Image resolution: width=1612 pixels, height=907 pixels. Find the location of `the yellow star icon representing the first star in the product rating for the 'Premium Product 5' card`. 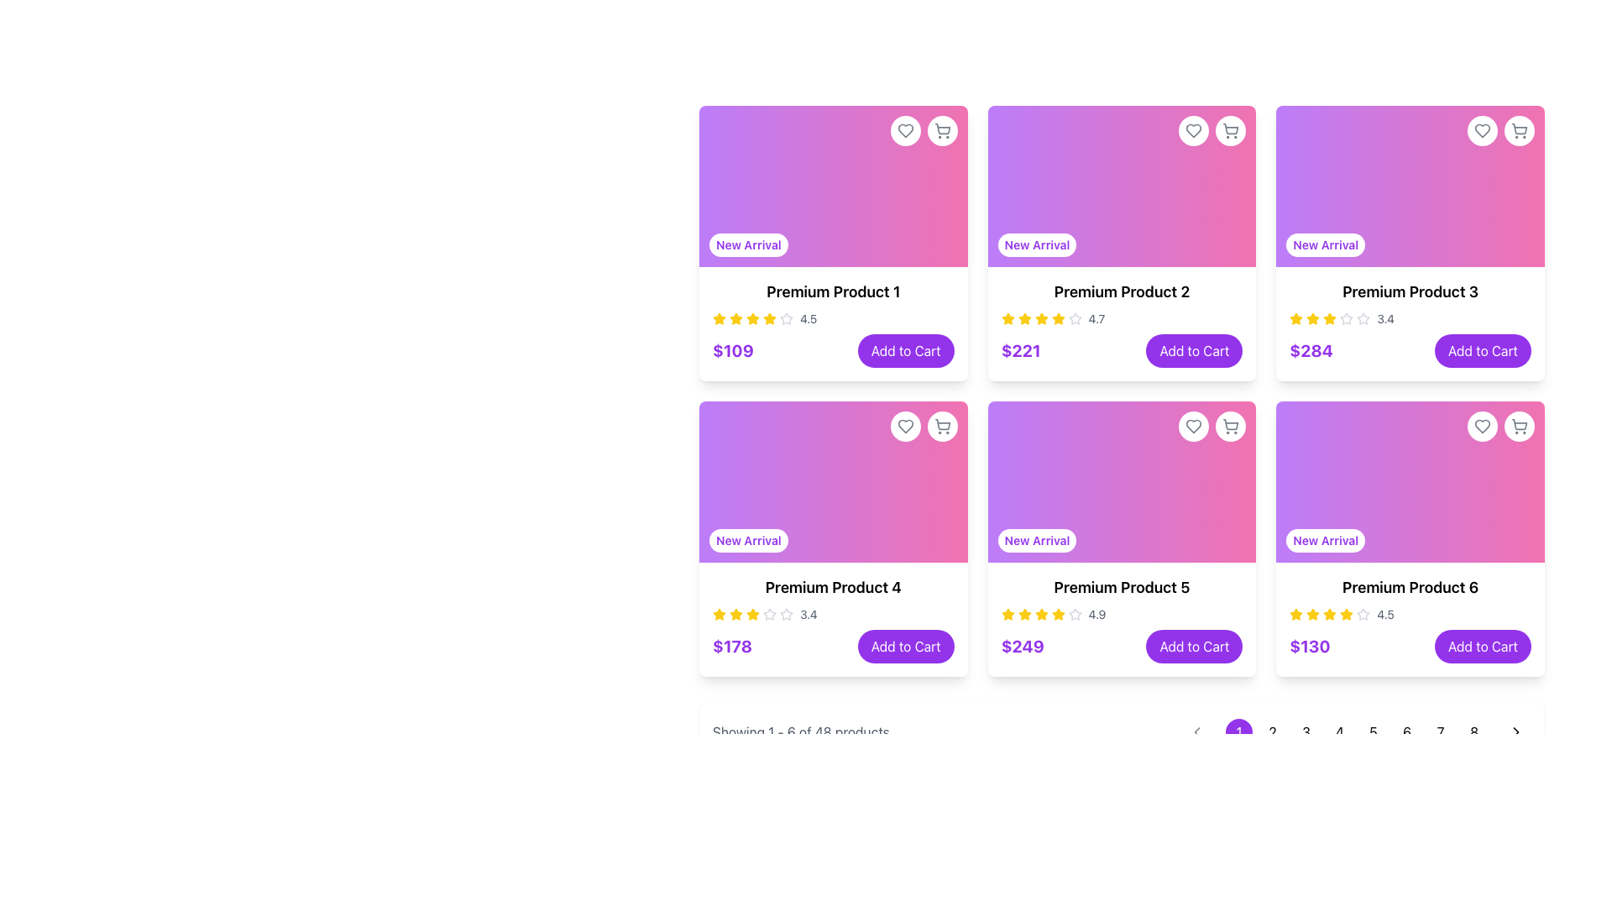

the yellow star icon representing the first star in the product rating for the 'Premium Product 5' card is located at coordinates (1007, 615).